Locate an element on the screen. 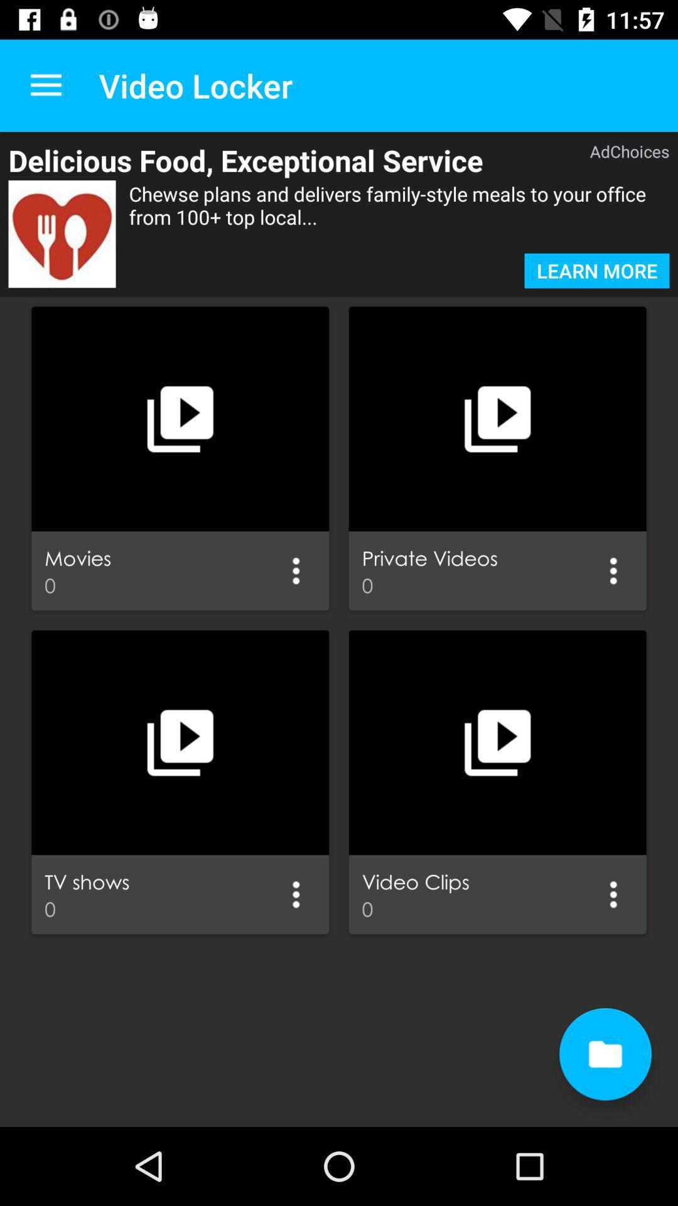 Image resolution: width=678 pixels, height=1206 pixels. option is located at coordinates (296, 570).